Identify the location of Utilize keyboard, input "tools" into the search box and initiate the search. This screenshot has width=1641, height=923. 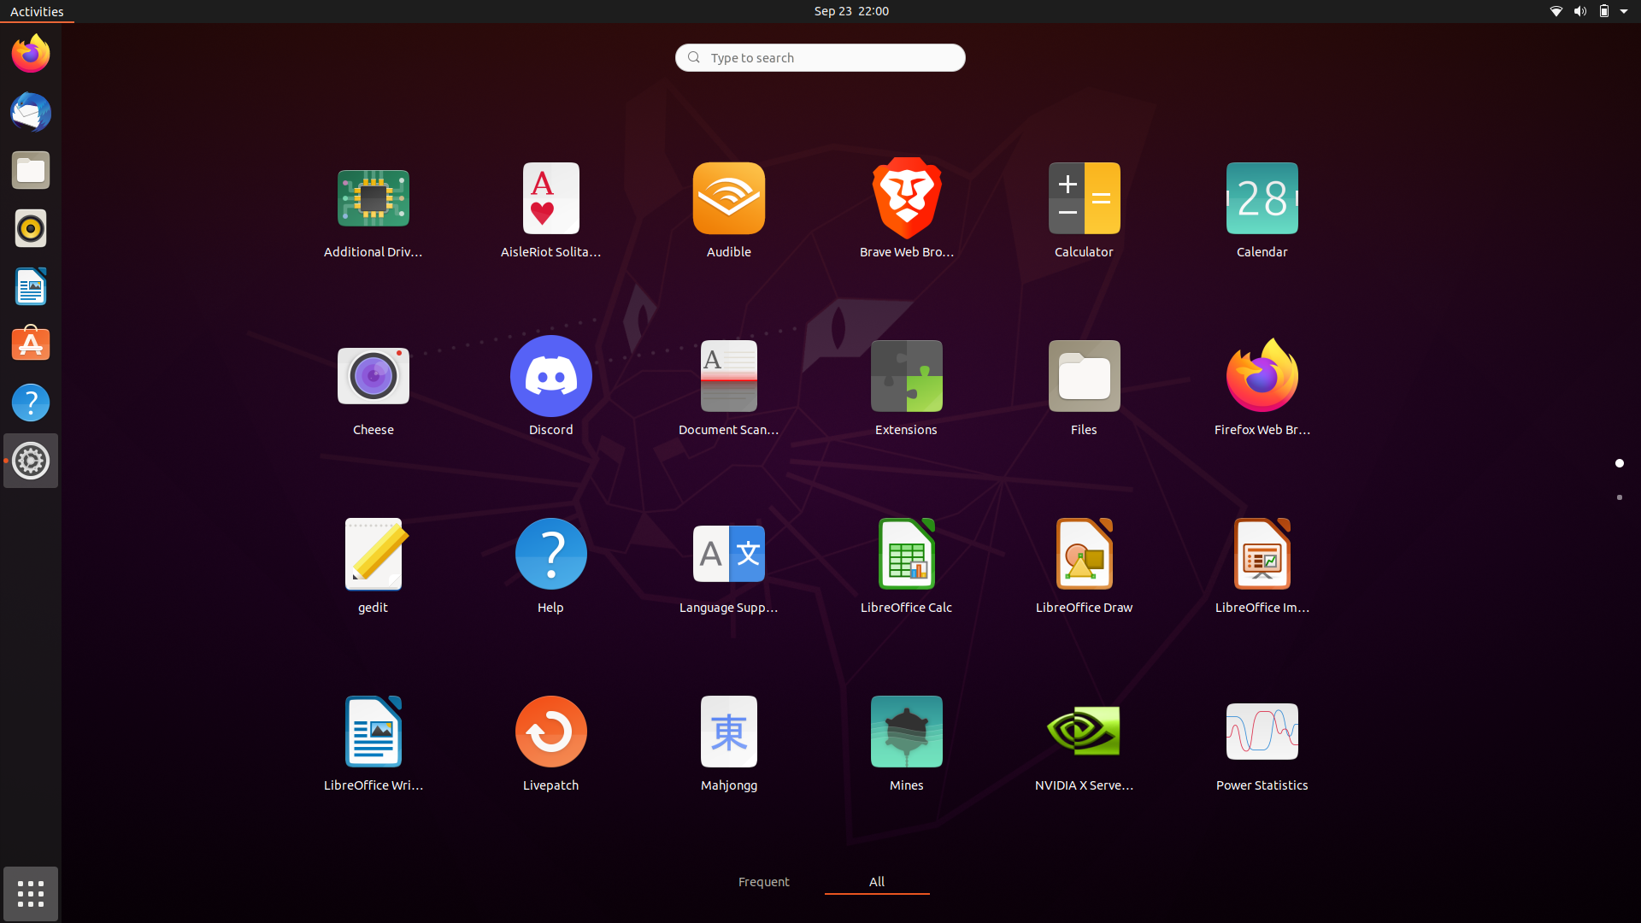
(819, 56).